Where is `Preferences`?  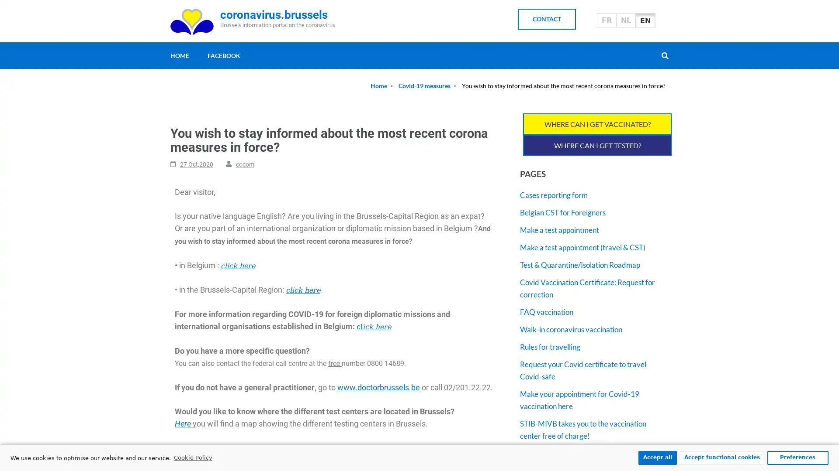
Preferences is located at coordinates (797, 457).